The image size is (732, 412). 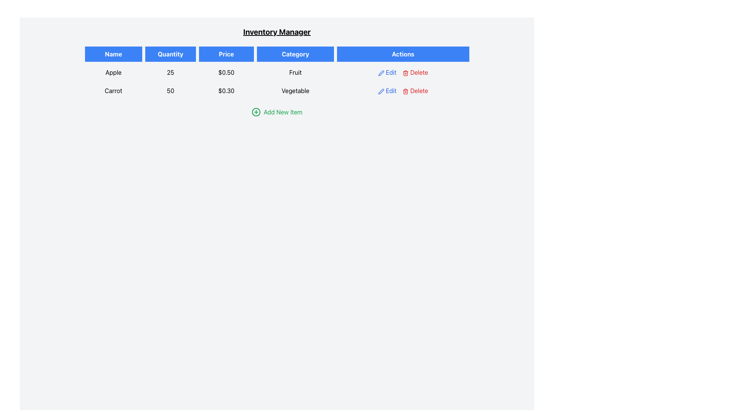 I want to click on the Text Display element that shows the quantity of 'Apple' in the 'Quantity' column of the inventory management system, so click(x=170, y=72).